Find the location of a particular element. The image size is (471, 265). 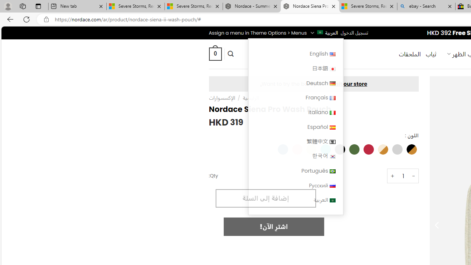

'Personal Profile' is located at coordinates (8, 6).